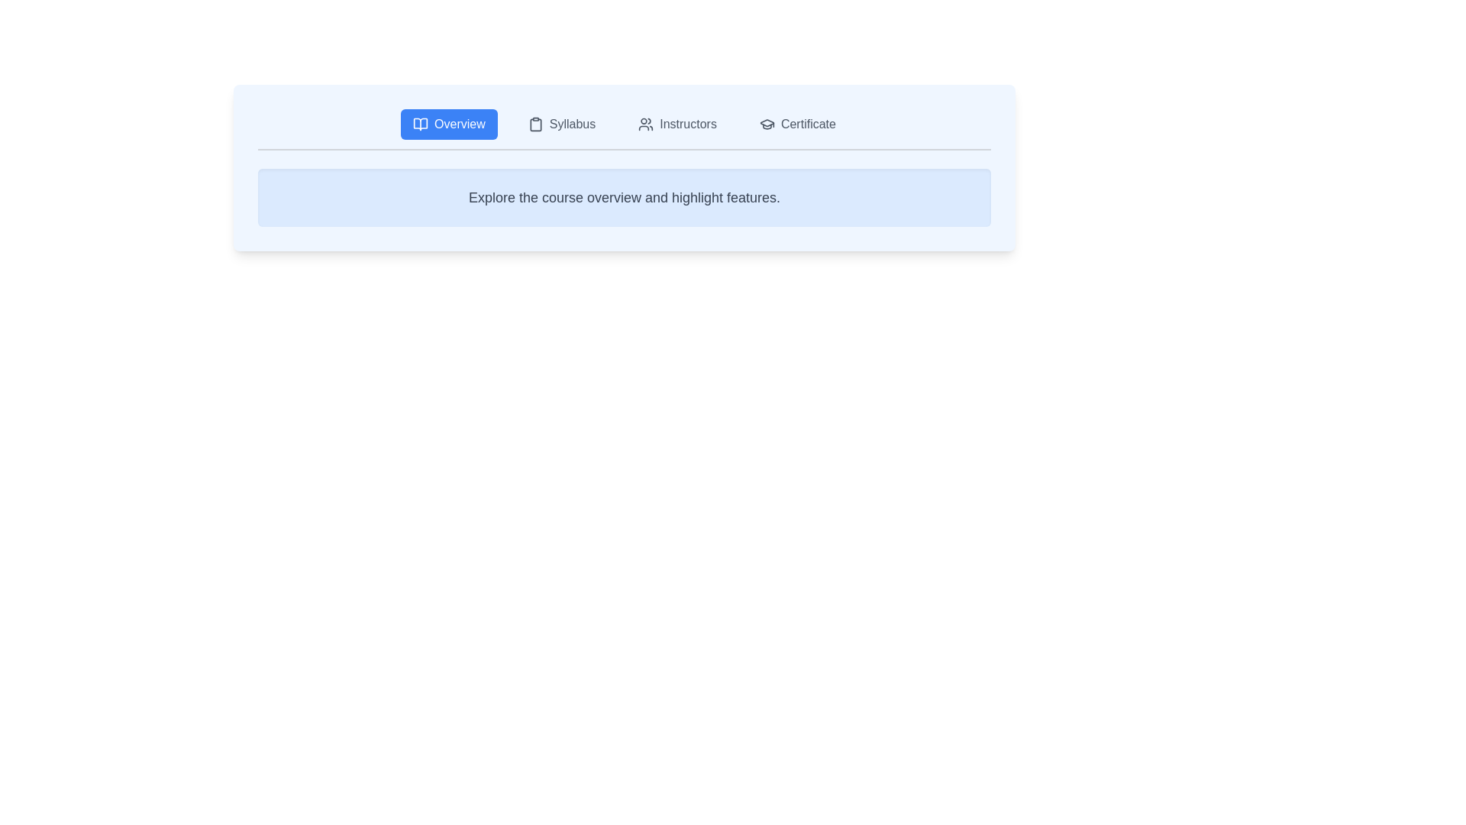 The image size is (1466, 825). What do you see at coordinates (676, 123) in the screenshot?
I see `the Instructors tab` at bounding box center [676, 123].